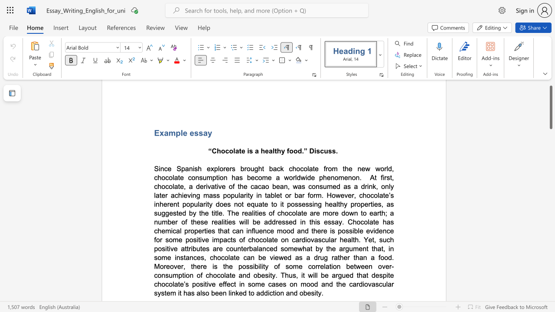  I want to click on the scrollbar and move up 20 pixels, so click(550, 107).